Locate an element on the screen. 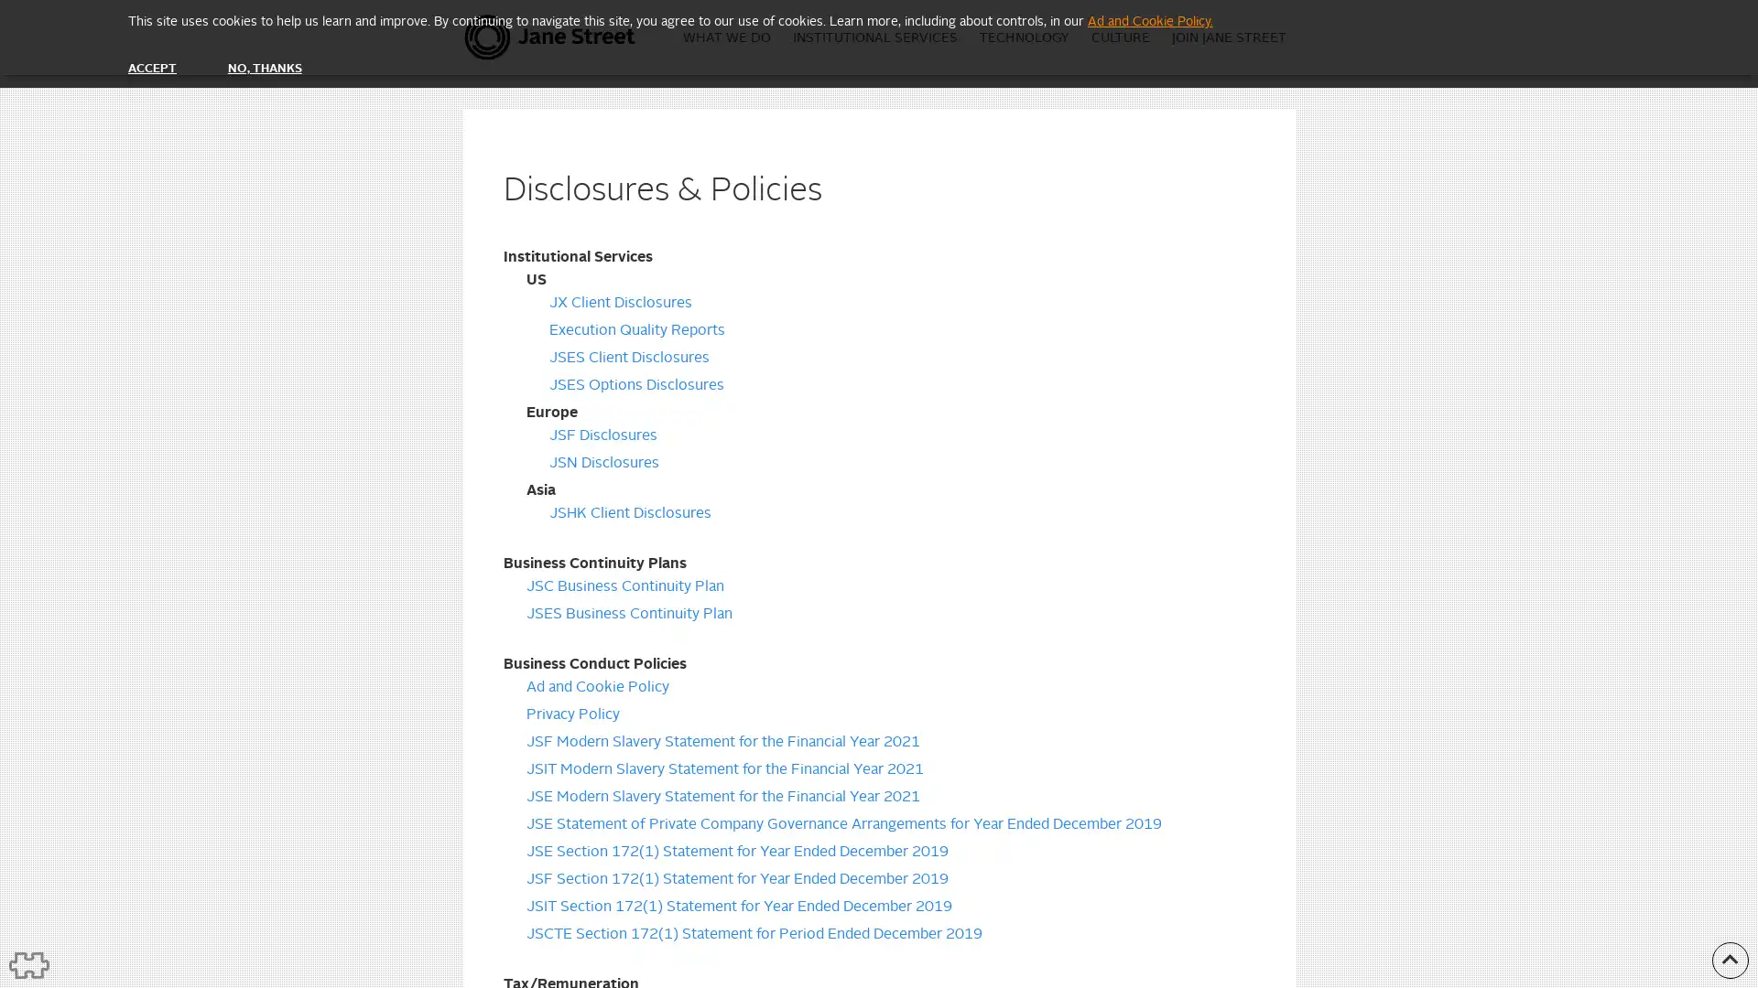 The width and height of the screenshot is (1758, 988). learn more about cookies is located at coordinates (1149, 21).